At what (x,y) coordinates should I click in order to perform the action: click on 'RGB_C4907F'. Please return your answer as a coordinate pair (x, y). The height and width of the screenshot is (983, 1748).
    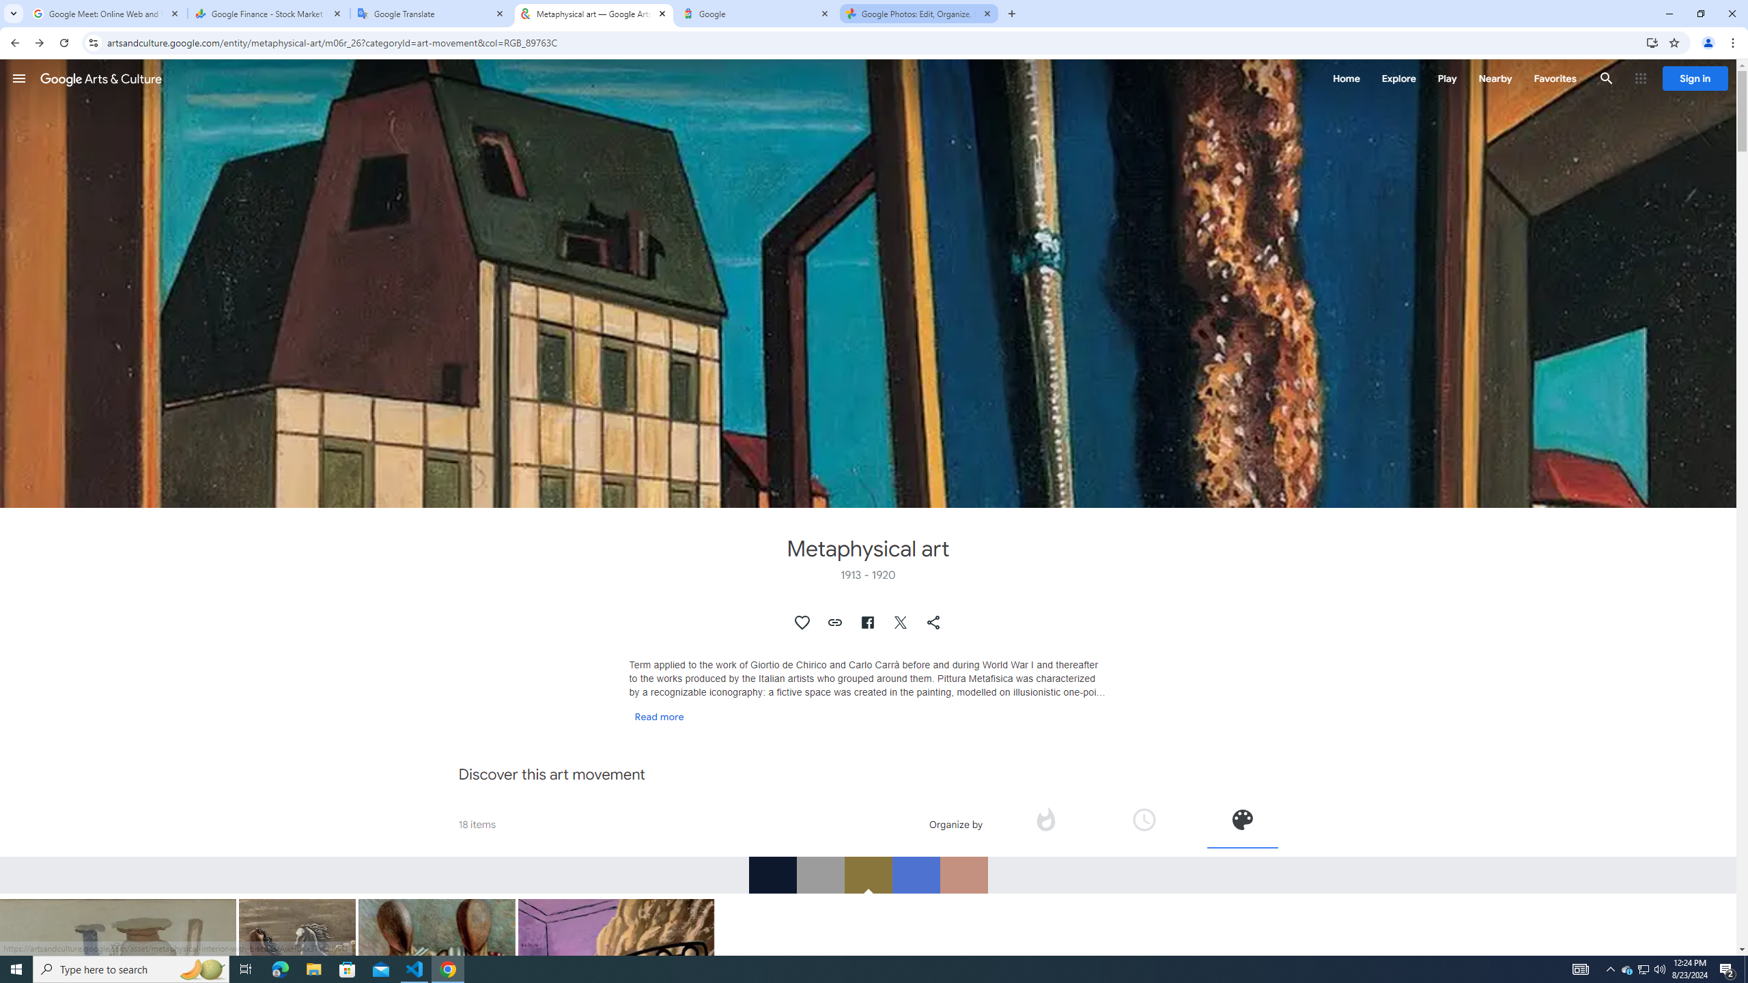
    Looking at the image, I should click on (963, 874).